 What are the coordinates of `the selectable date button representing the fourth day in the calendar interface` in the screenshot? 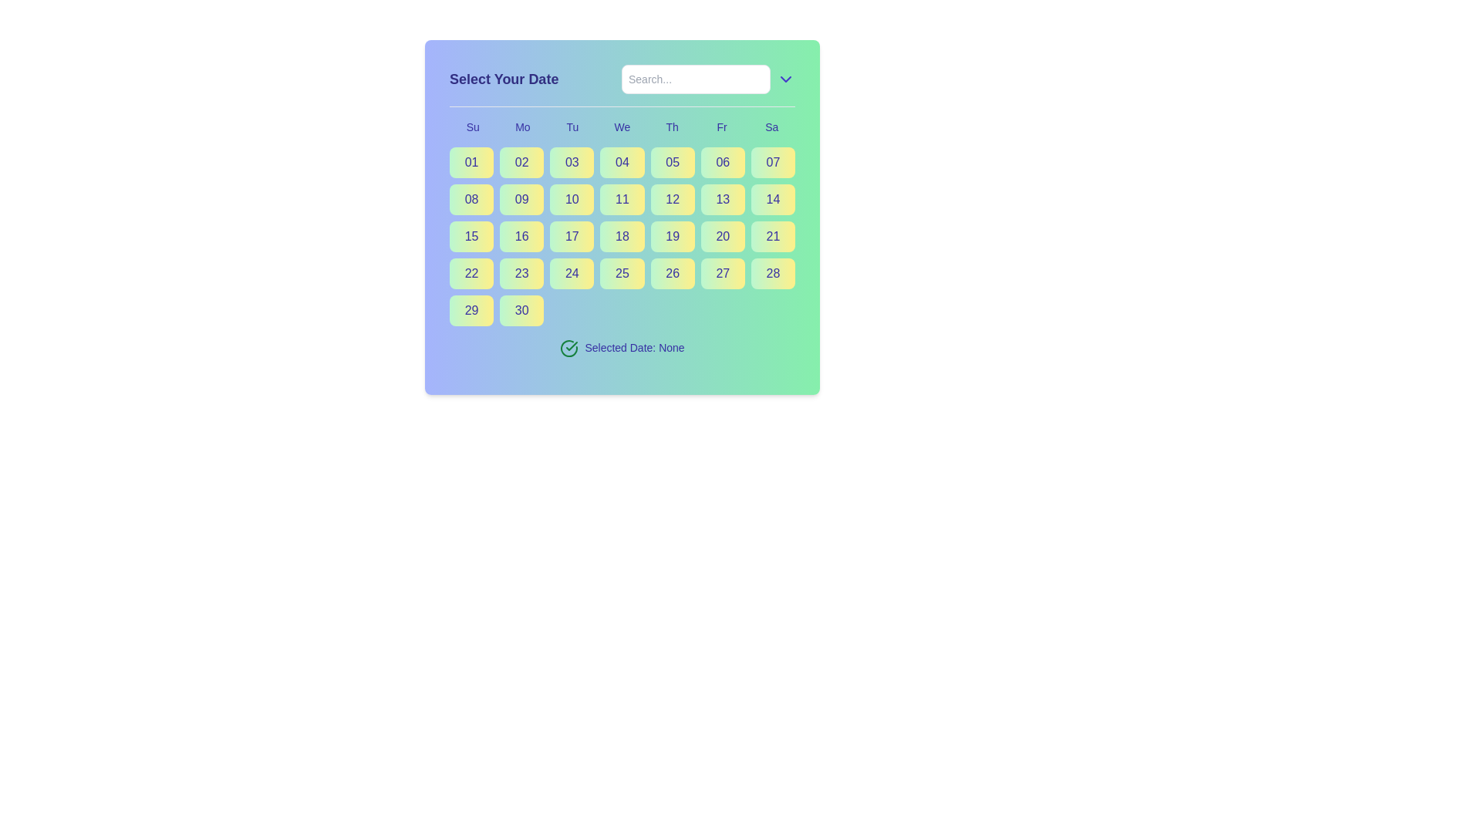 It's located at (622, 163).